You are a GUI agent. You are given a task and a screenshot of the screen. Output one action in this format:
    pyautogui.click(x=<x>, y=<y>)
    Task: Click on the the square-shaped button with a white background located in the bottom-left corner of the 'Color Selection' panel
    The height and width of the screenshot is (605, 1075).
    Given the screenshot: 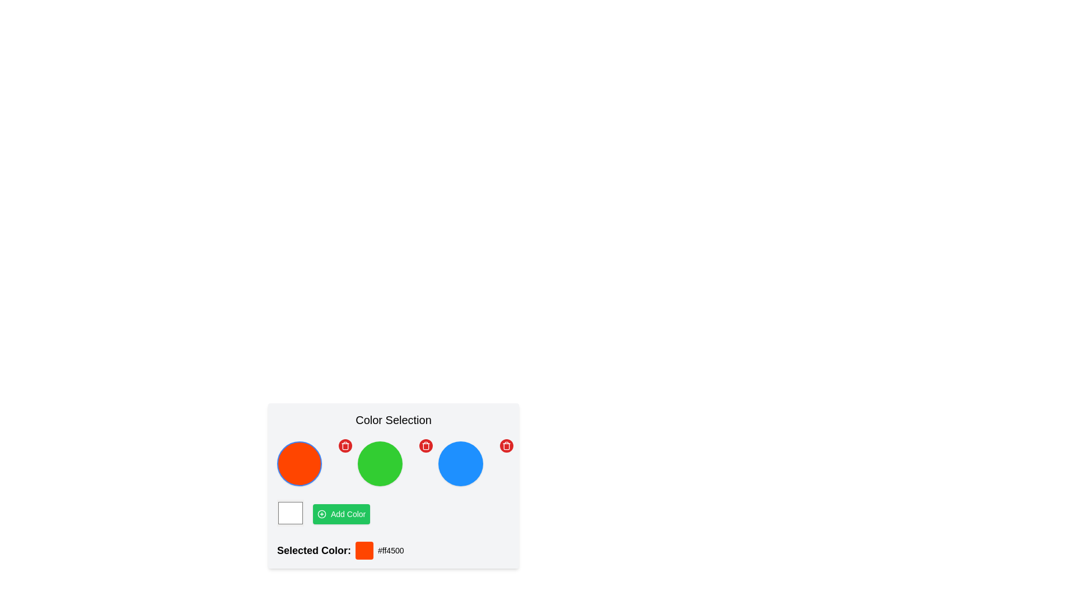 What is the action you would take?
    pyautogui.click(x=290, y=513)
    